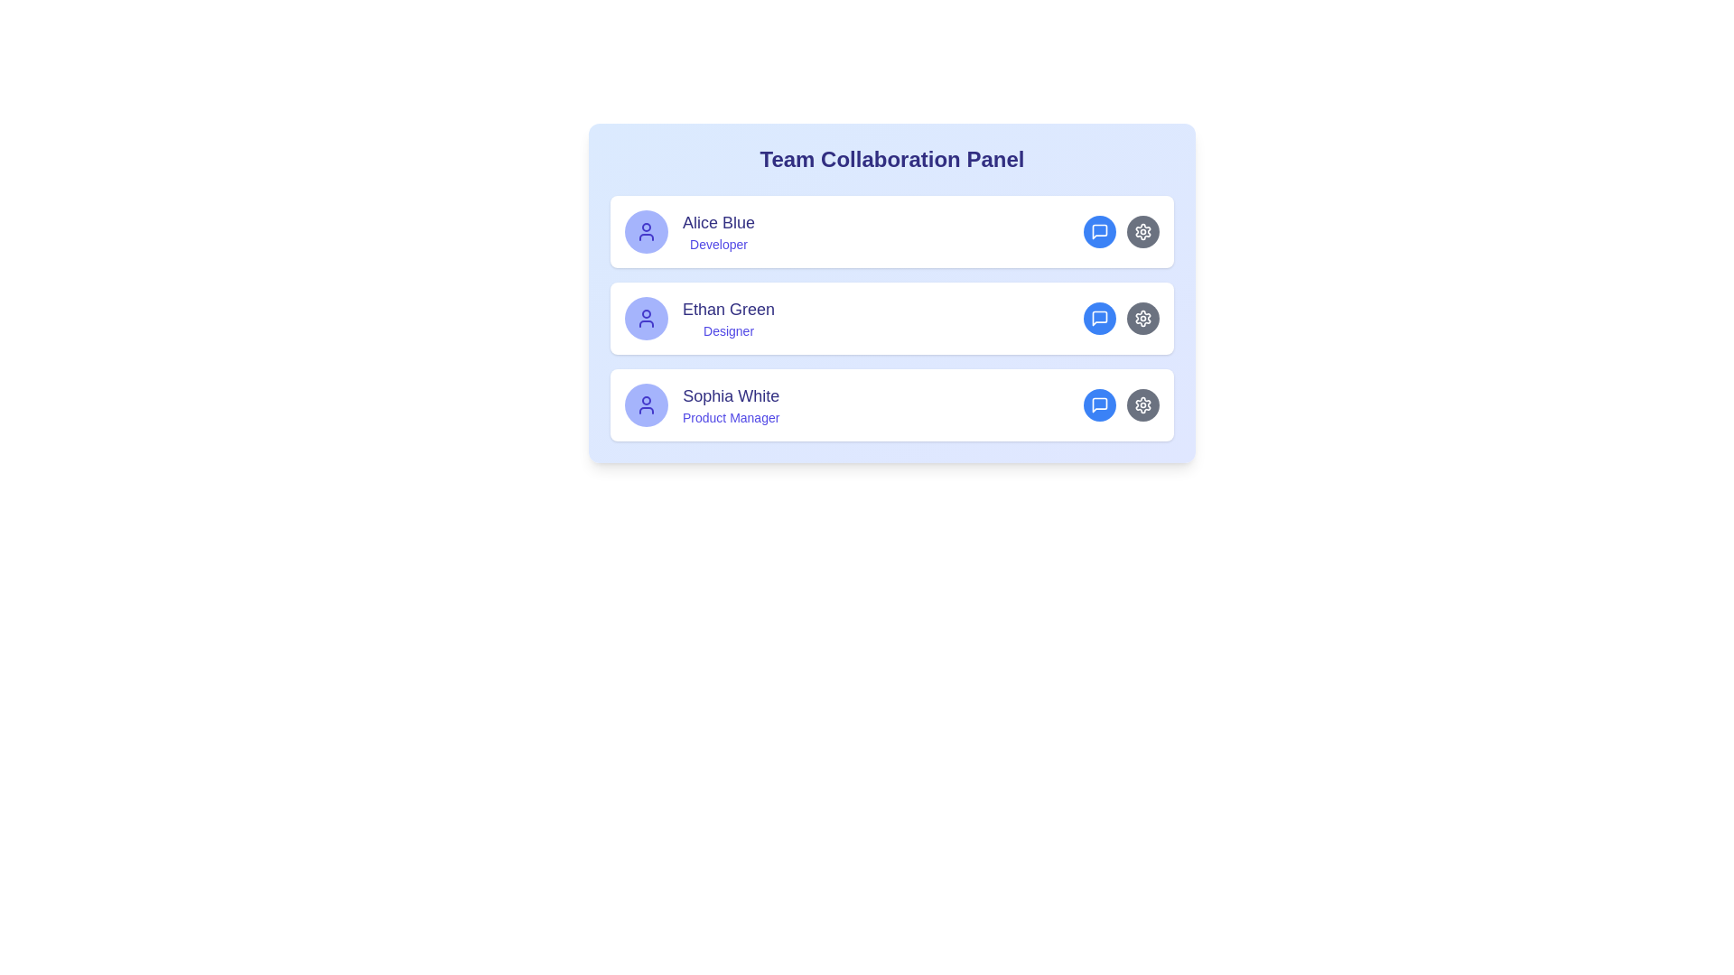 The height and width of the screenshot is (975, 1734). I want to click on the settings button, which is the second circular button located to the right of the speech bubble icon, so click(1142, 318).